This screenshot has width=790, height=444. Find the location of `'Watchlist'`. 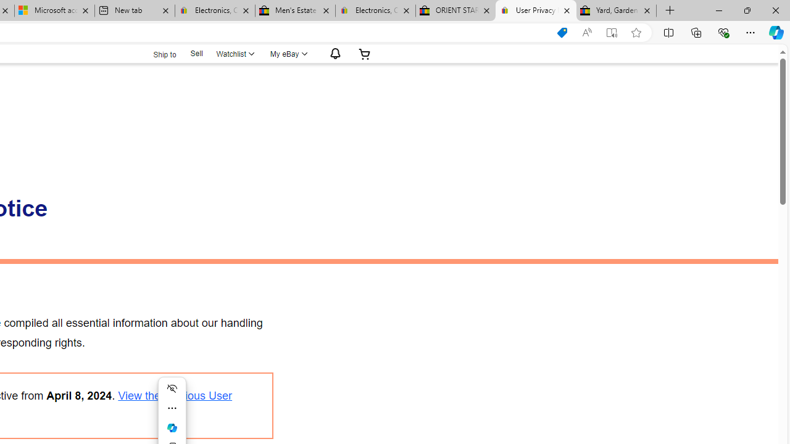

'Watchlist' is located at coordinates (235, 53).